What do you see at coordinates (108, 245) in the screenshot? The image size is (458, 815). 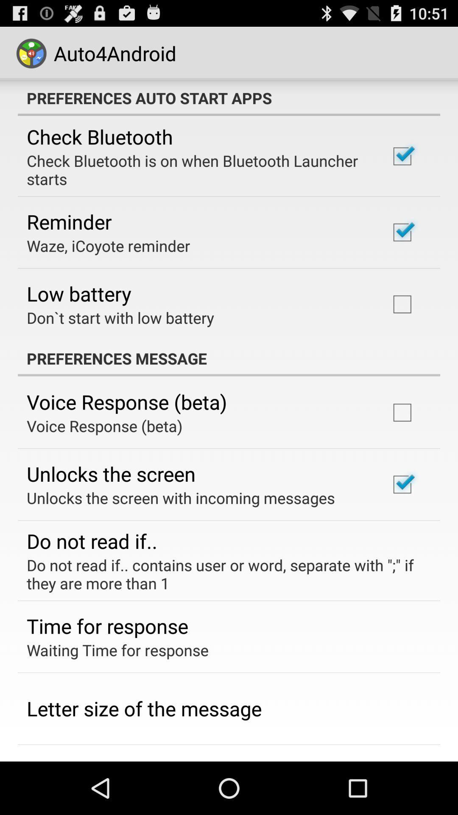 I see `app below the reminder` at bounding box center [108, 245].